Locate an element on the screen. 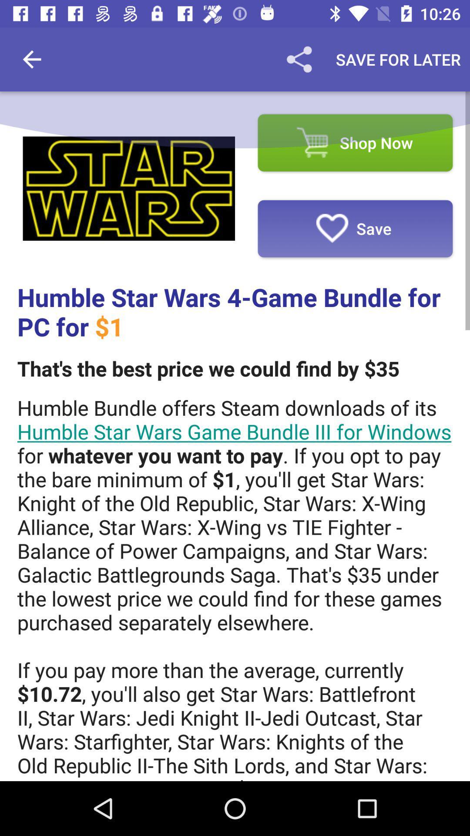 The width and height of the screenshot is (470, 836). the that s the is located at coordinates (208, 368).